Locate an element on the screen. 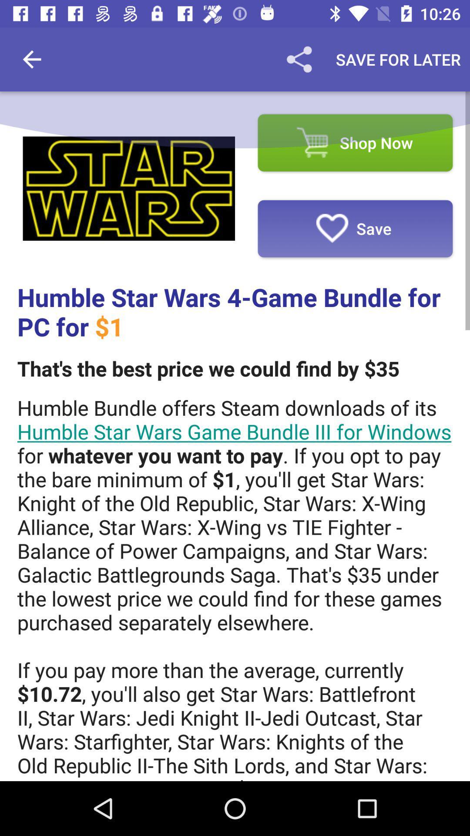 The width and height of the screenshot is (470, 836). the that s the is located at coordinates (208, 368).